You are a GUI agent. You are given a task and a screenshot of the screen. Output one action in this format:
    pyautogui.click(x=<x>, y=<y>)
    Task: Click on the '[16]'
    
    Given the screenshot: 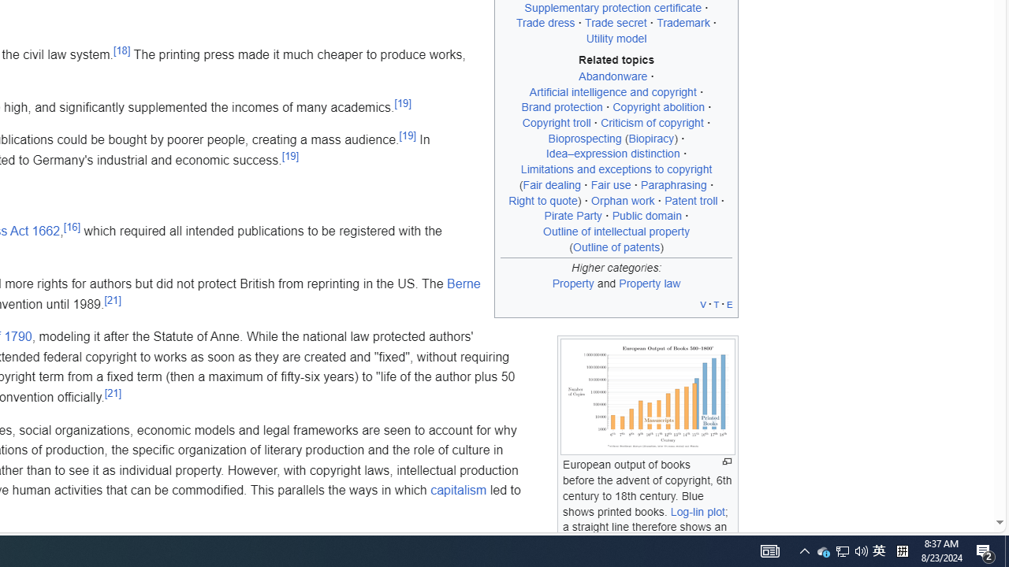 What is the action you would take?
    pyautogui.click(x=70, y=227)
    